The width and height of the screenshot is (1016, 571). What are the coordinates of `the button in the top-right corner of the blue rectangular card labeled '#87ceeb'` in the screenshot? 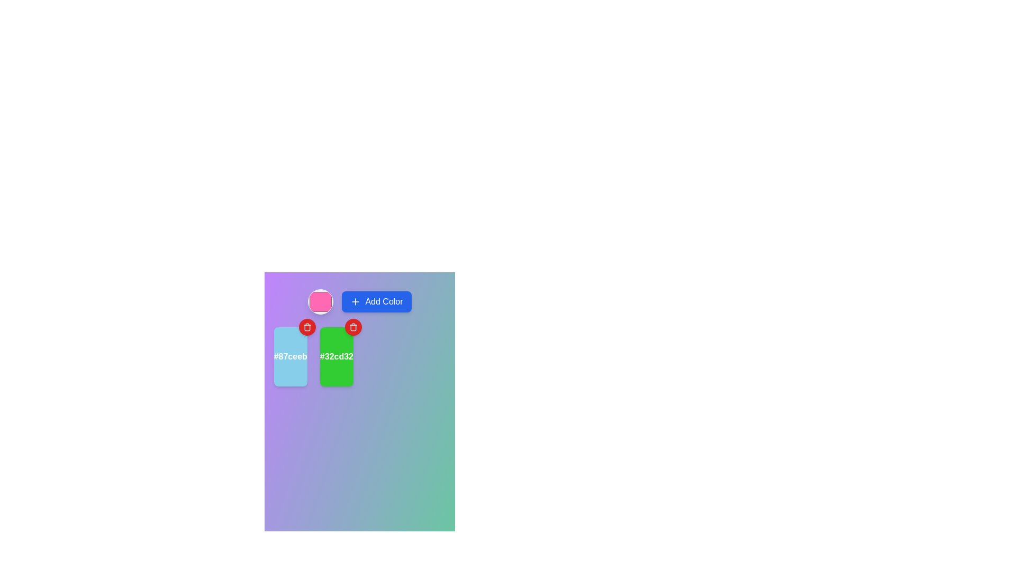 It's located at (306, 326).